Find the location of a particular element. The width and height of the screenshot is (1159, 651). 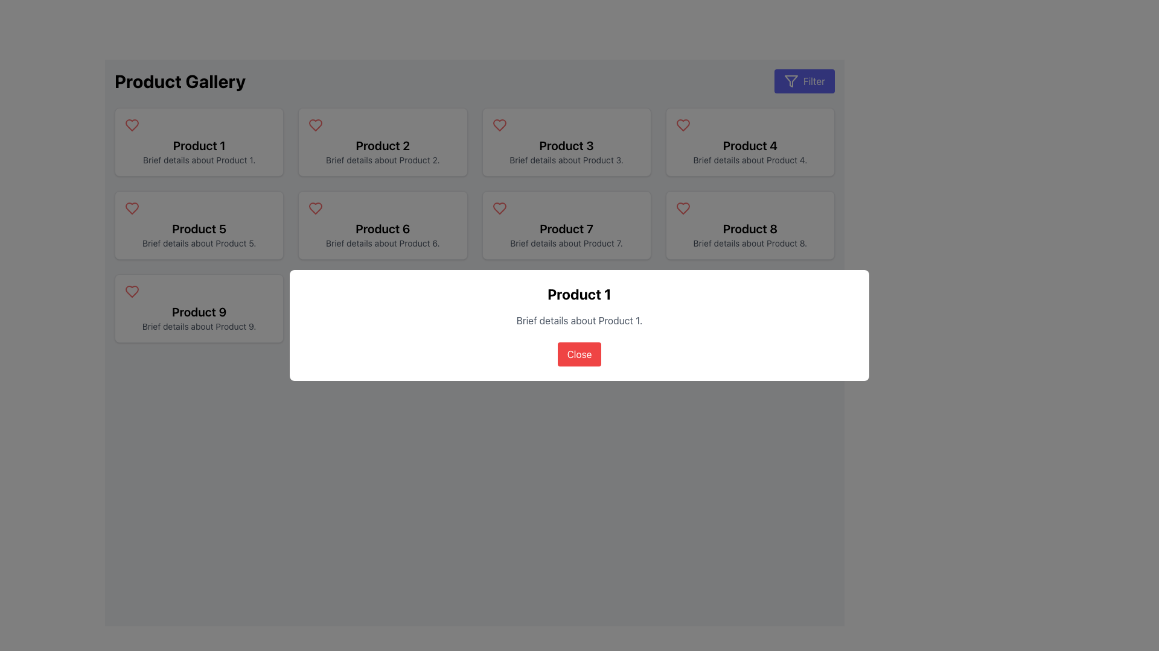

the funnel icon inside the blue 'Filter' button located in the upper-right corner of the interface is located at coordinates (791, 81).